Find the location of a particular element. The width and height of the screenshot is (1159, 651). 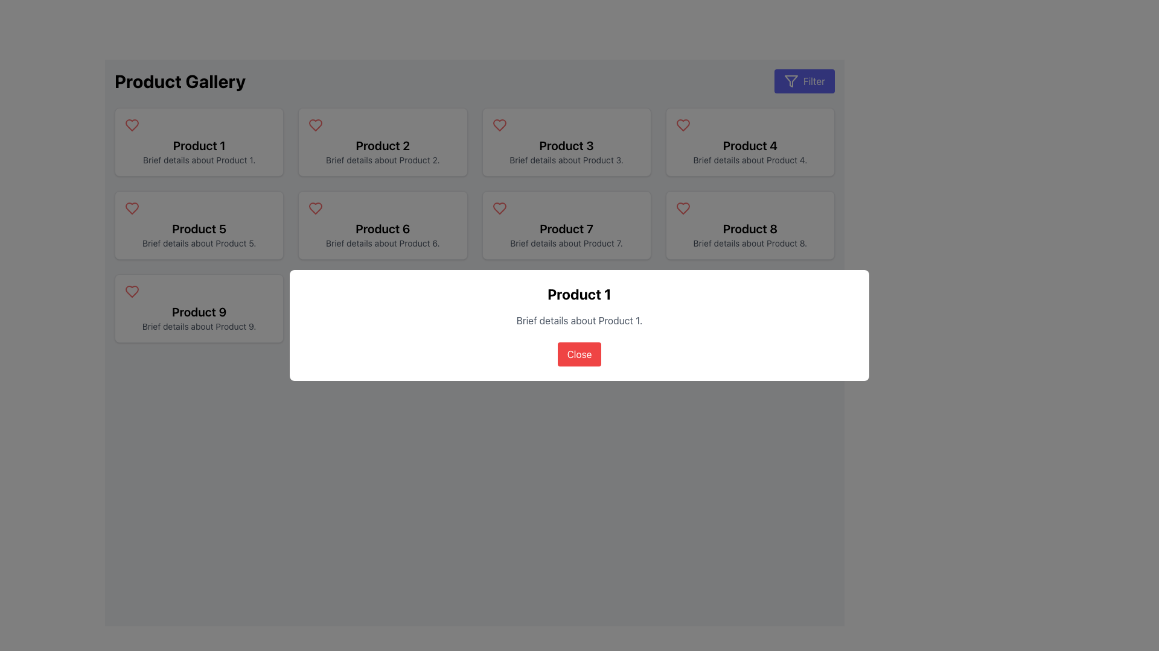

the funnel icon inside the blue 'Filter' button located in the upper-right corner of the interface is located at coordinates (791, 81).